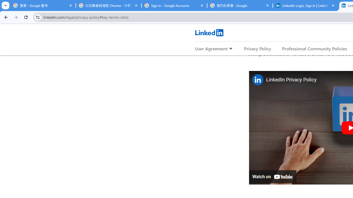  Describe the element at coordinates (174, 5) in the screenshot. I see `'Sign in - Google Accounts'` at that location.